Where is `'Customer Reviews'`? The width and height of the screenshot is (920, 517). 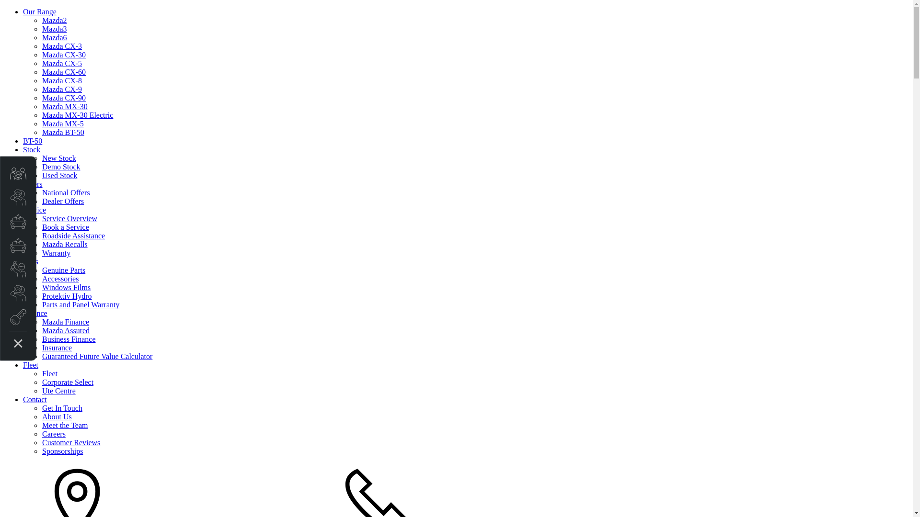 'Customer Reviews' is located at coordinates (70, 442).